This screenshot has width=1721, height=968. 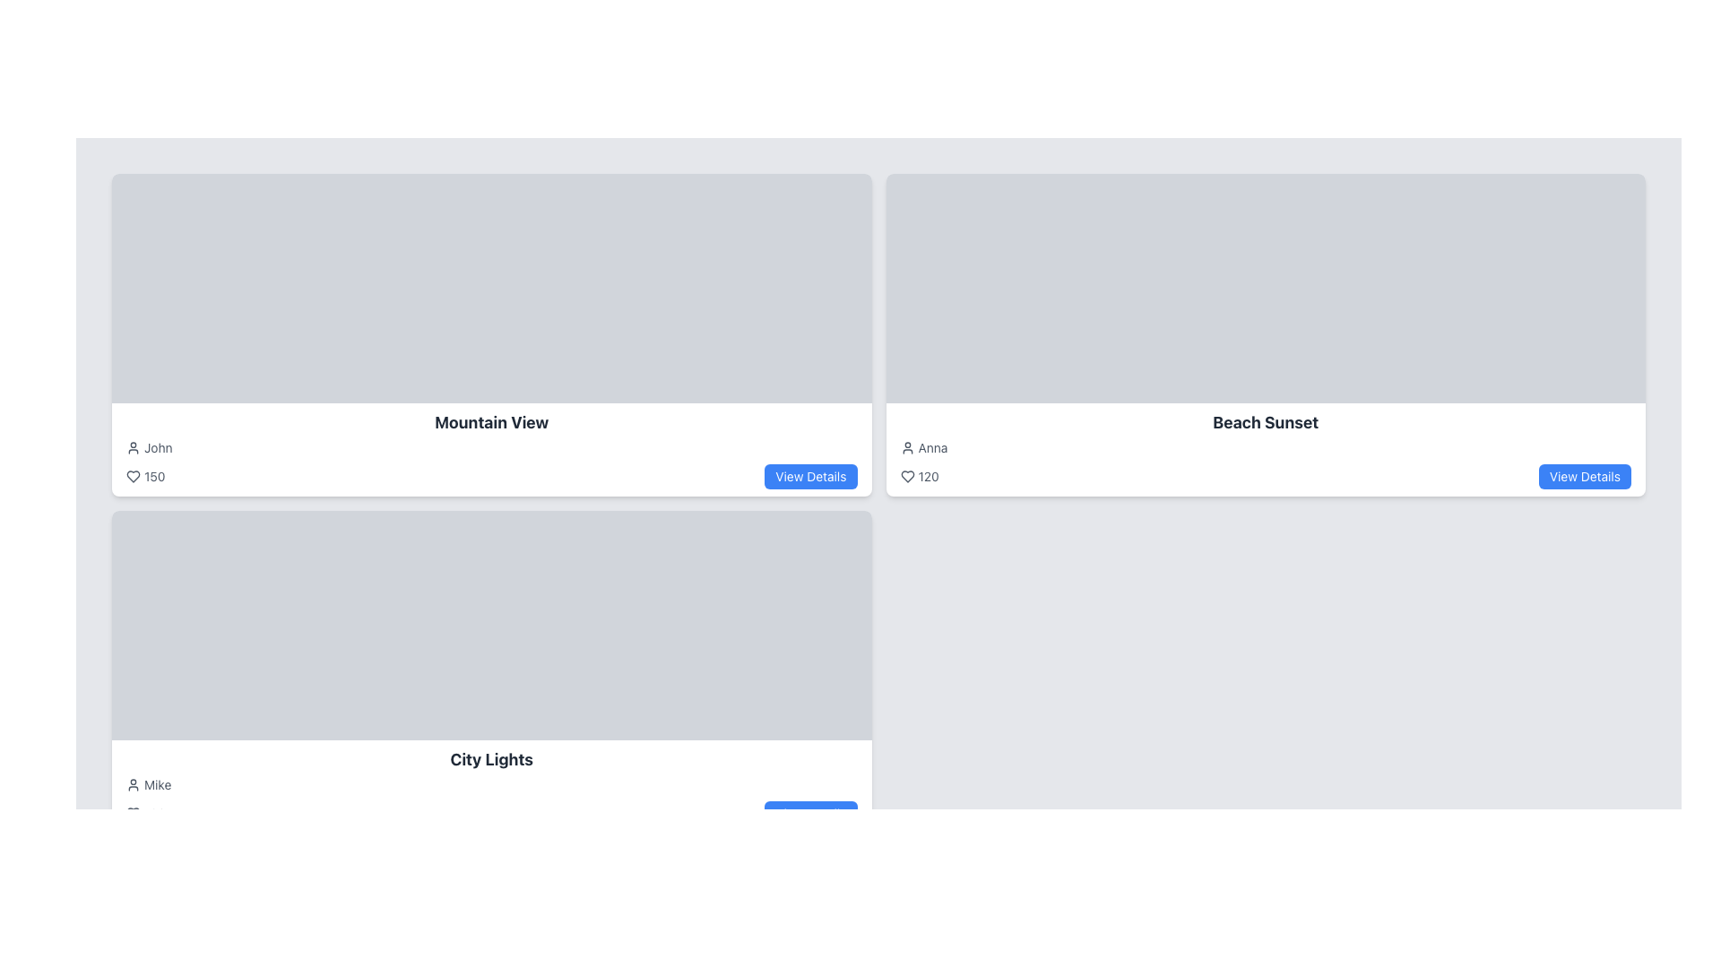 What do you see at coordinates (920, 476) in the screenshot?
I see `numeric count displayed in the text component located below the username 'Anna' and next to the heart icon in the 'Beach Sunset' section` at bounding box center [920, 476].